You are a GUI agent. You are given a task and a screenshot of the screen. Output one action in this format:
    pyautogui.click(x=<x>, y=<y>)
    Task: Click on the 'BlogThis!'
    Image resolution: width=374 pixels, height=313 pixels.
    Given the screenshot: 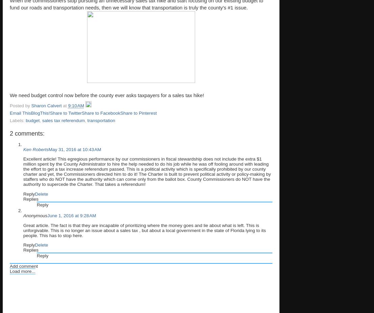 What is the action you would take?
    pyautogui.click(x=40, y=113)
    